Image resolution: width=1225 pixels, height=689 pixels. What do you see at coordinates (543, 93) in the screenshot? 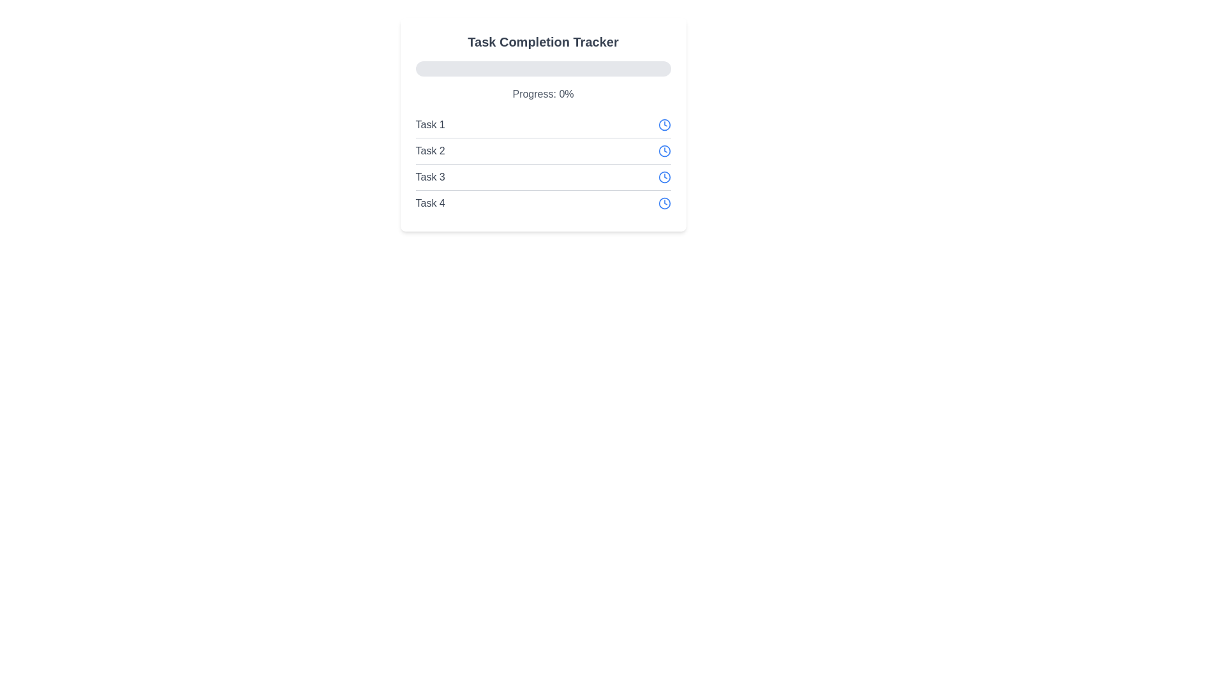
I see `displayed information from the text label showing 'Progress: 0%' which is styled with a gray font on a white background, located below the progress bar in the 'Task Completion Tracker' interface` at bounding box center [543, 93].